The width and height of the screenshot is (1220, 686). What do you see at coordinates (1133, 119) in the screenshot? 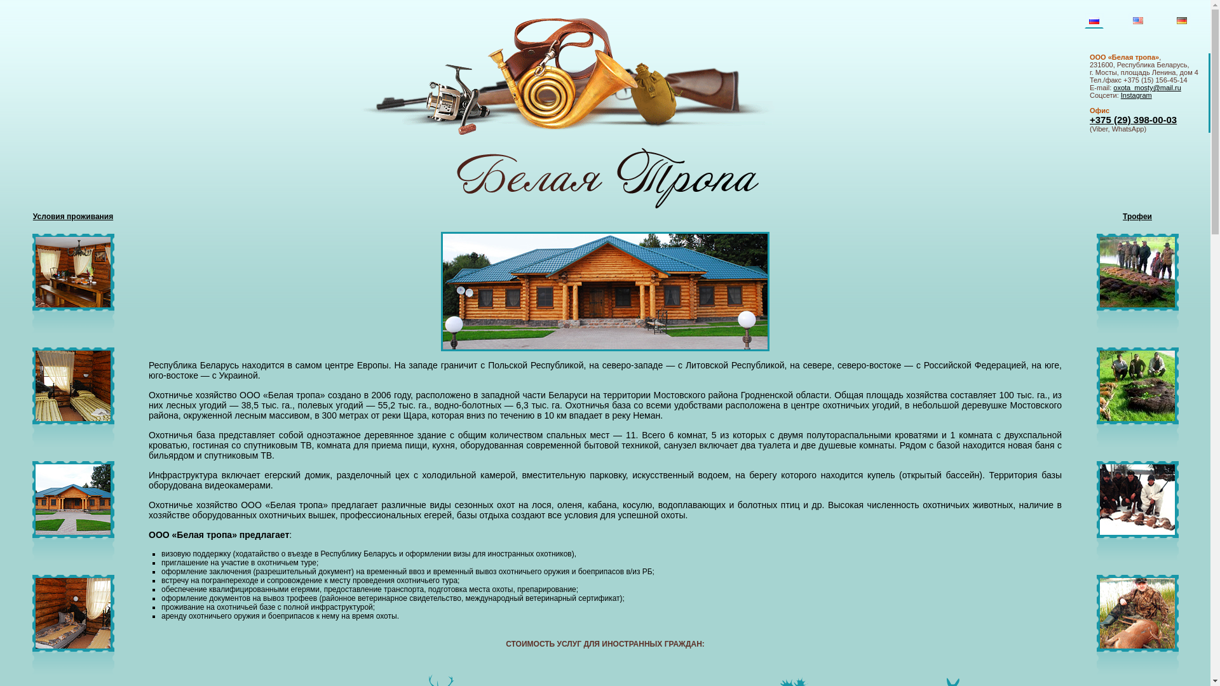
I see `'+375 (29) 398-00-03'` at bounding box center [1133, 119].